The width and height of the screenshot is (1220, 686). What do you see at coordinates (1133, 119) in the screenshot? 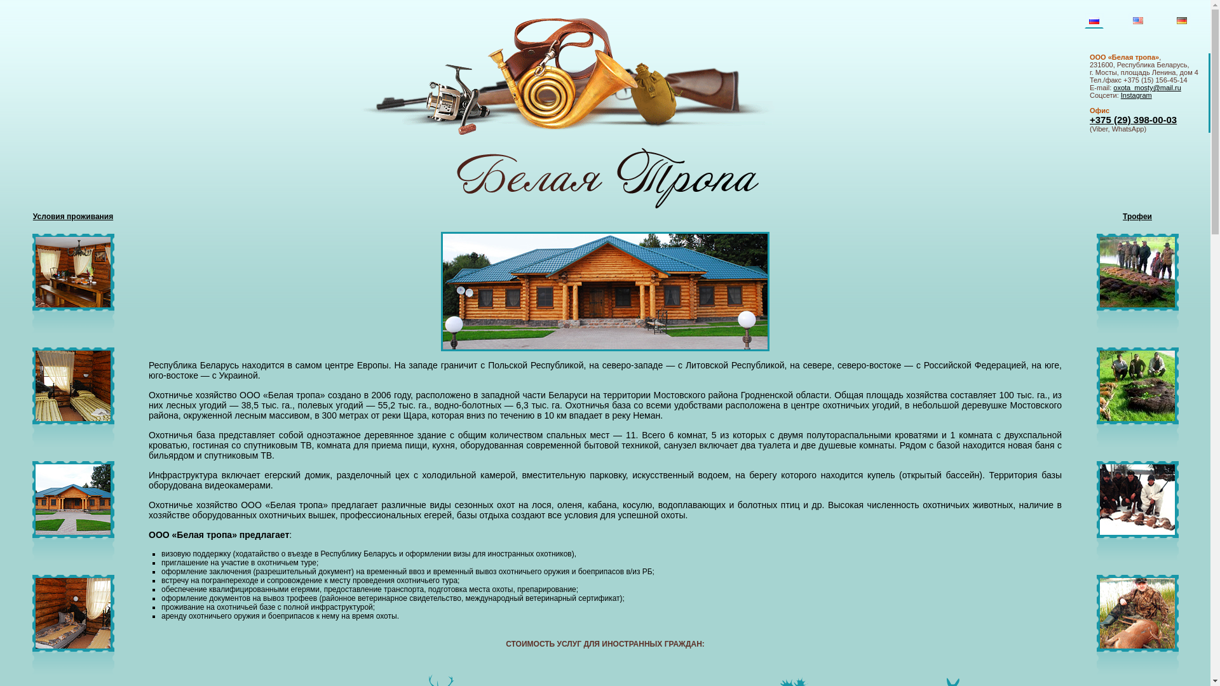
I see `'+375 (29) 398-00-03'` at bounding box center [1133, 119].